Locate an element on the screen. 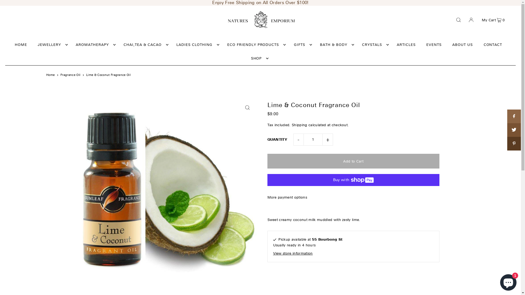  'HOME' is located at coordinates (21, 45).